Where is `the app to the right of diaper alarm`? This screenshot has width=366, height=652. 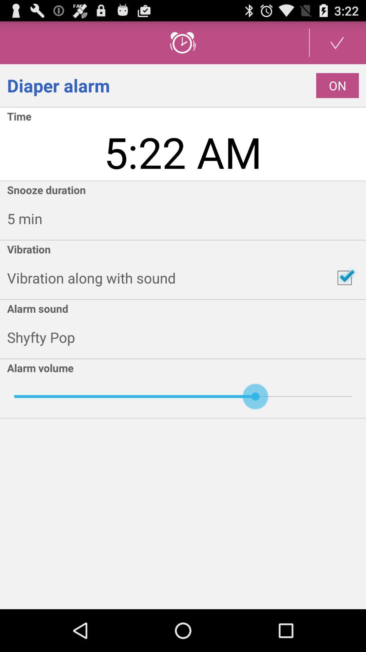
the app to the right of diaper alarm is located at coordinates (337, 85).